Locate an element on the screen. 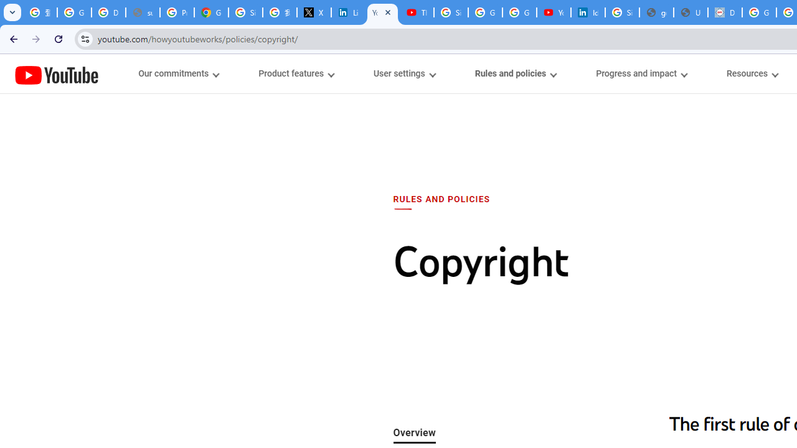 The width and height of the screenshot is (797, 448). 'support.google.com - Network error' is located at coordinates (143, 12).